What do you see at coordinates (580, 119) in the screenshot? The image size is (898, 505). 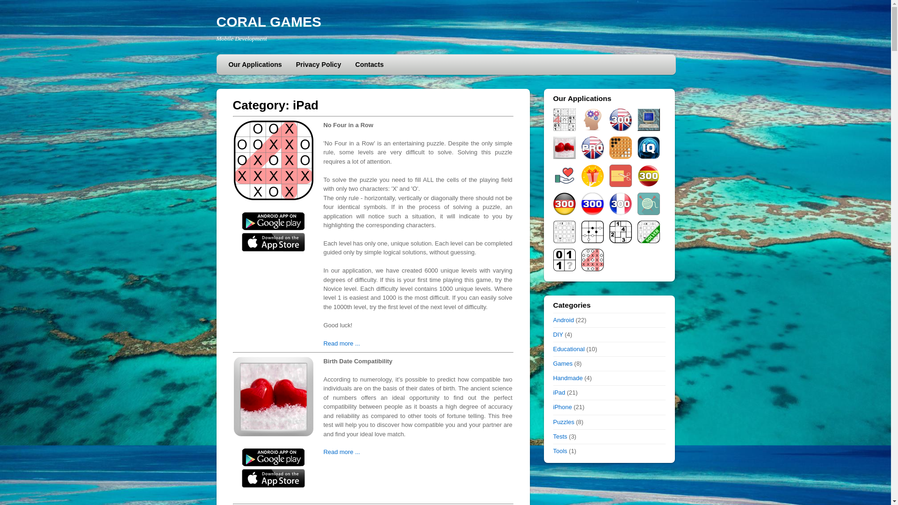 I see `'Bennet Test'` at bounding box center [580, 119].